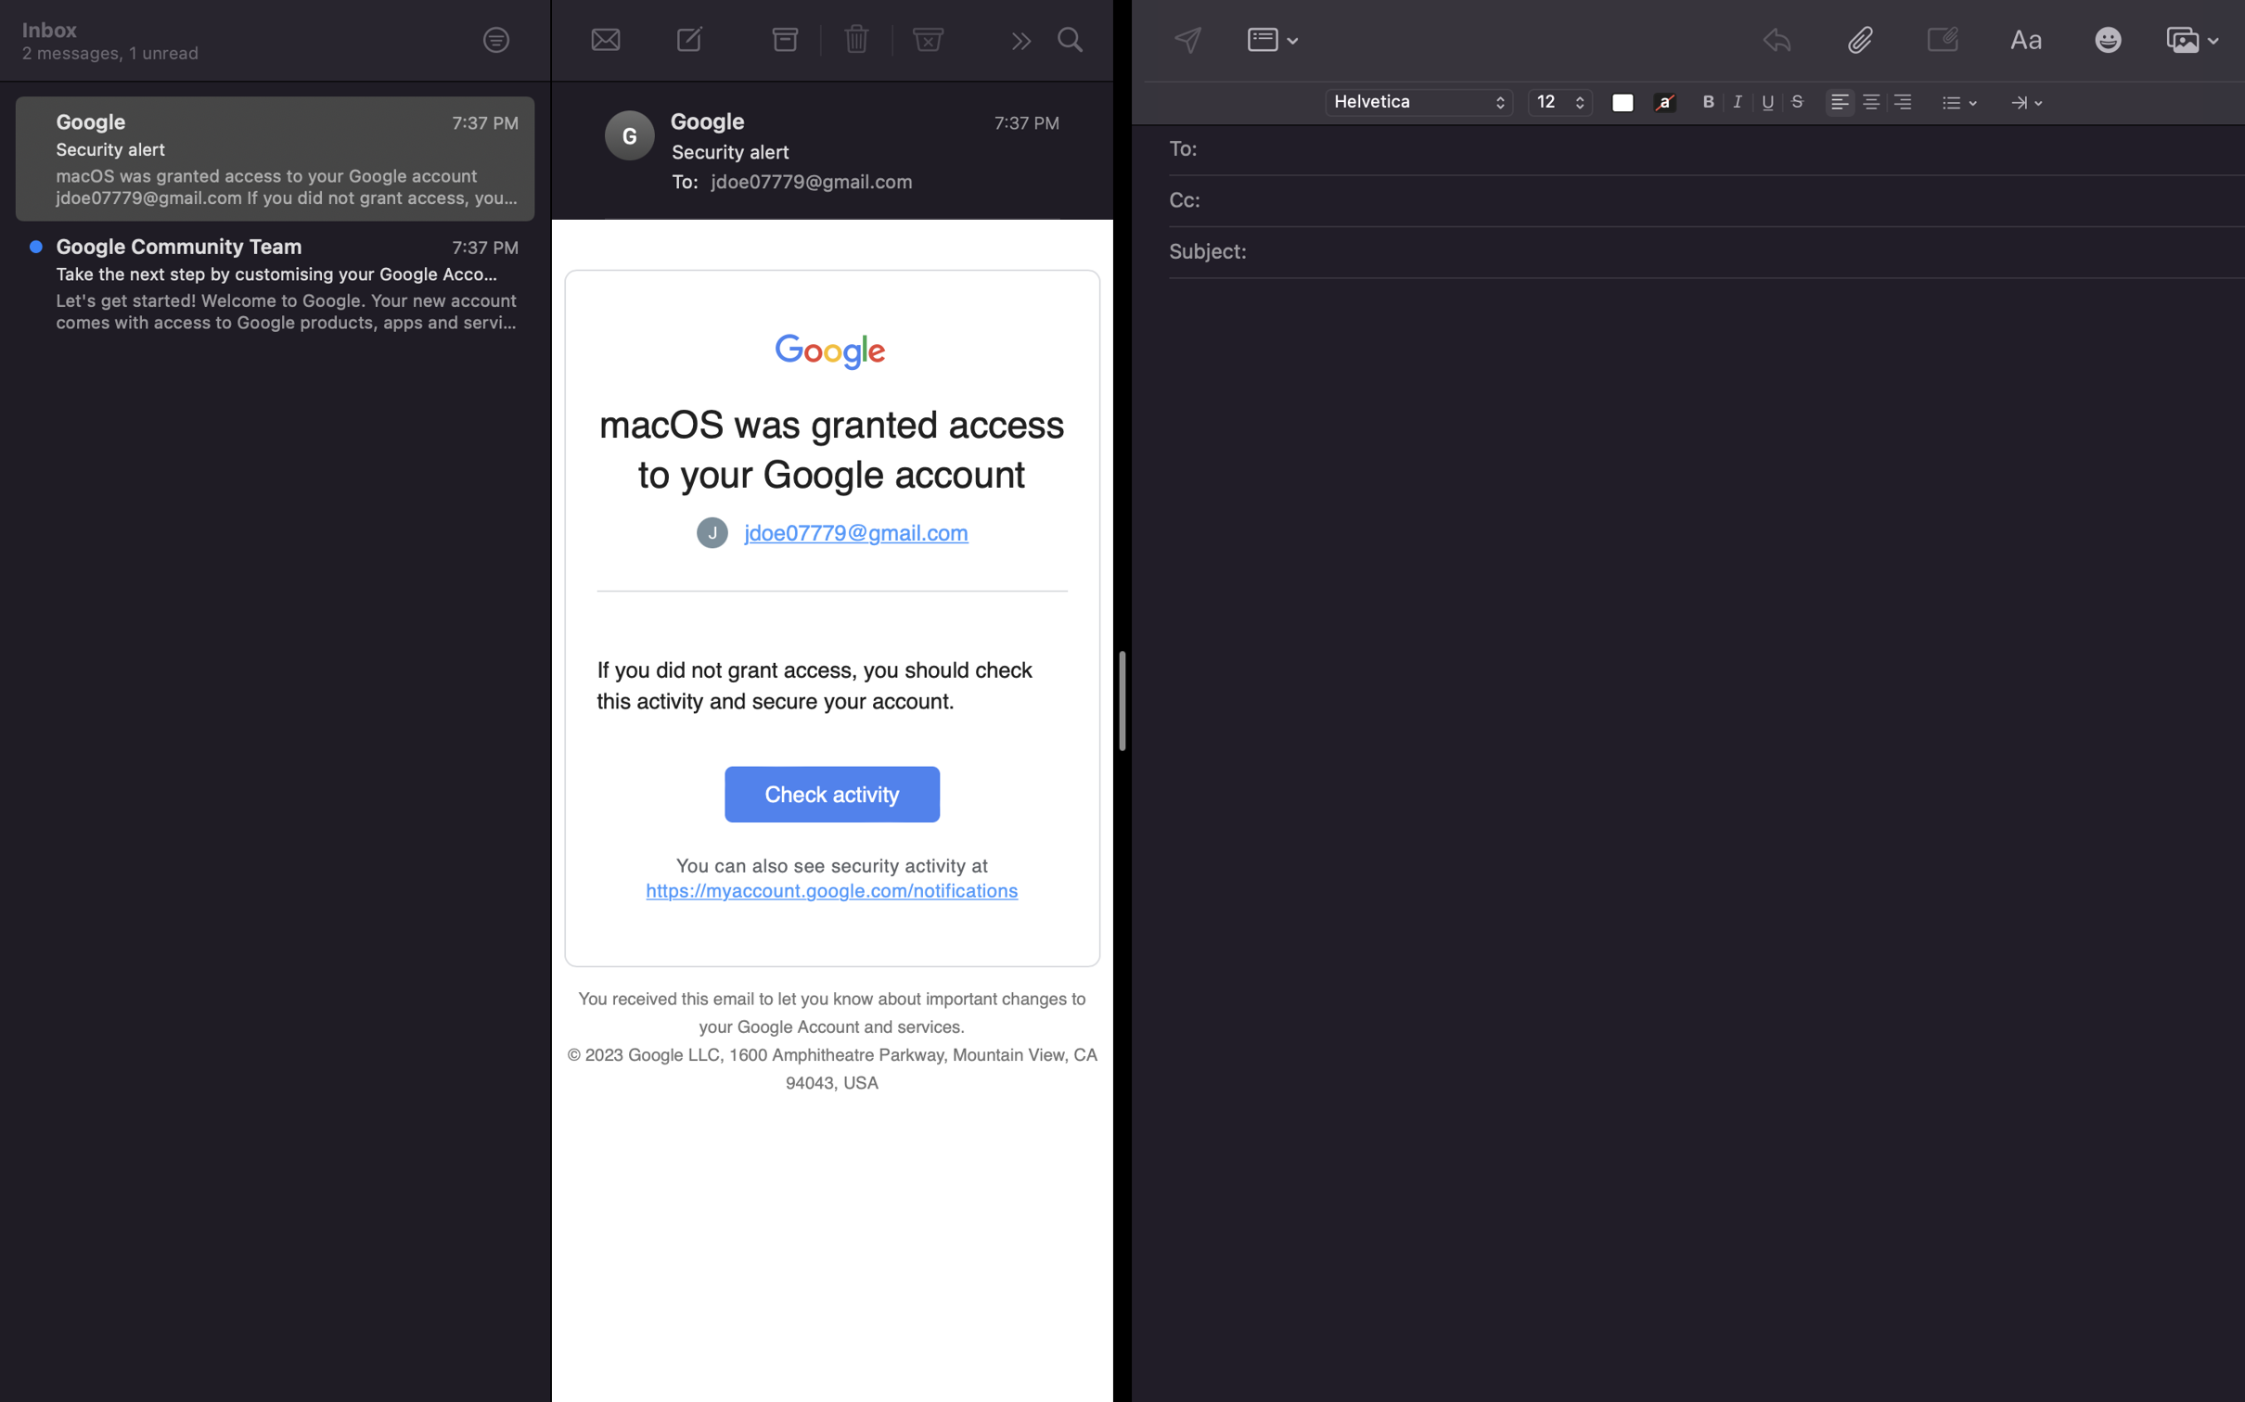  I want to click on "jane@gmail.com" in the receiver"s email field, so click(1720, 150).